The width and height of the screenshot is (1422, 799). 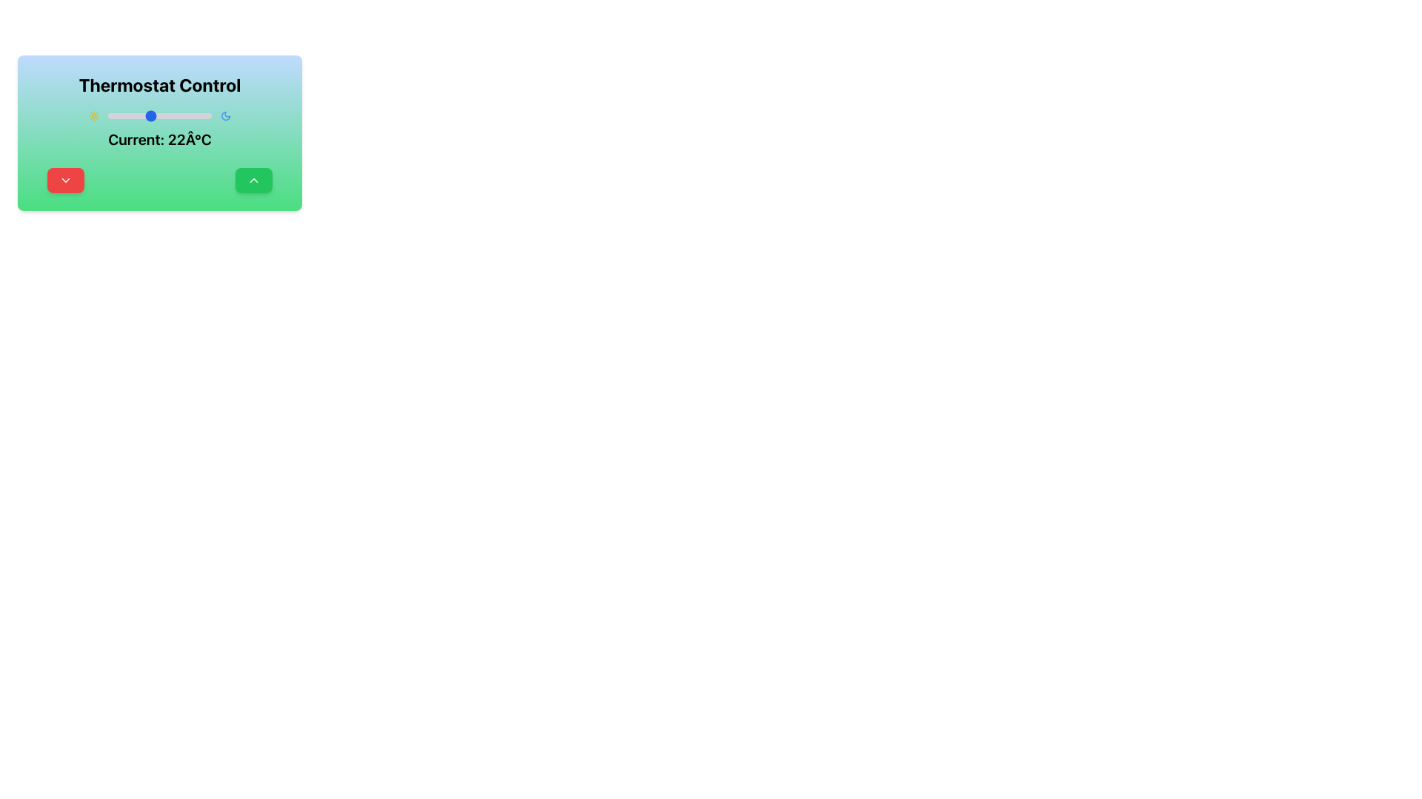 I want to click on temperature, so click(x=167, y=115).